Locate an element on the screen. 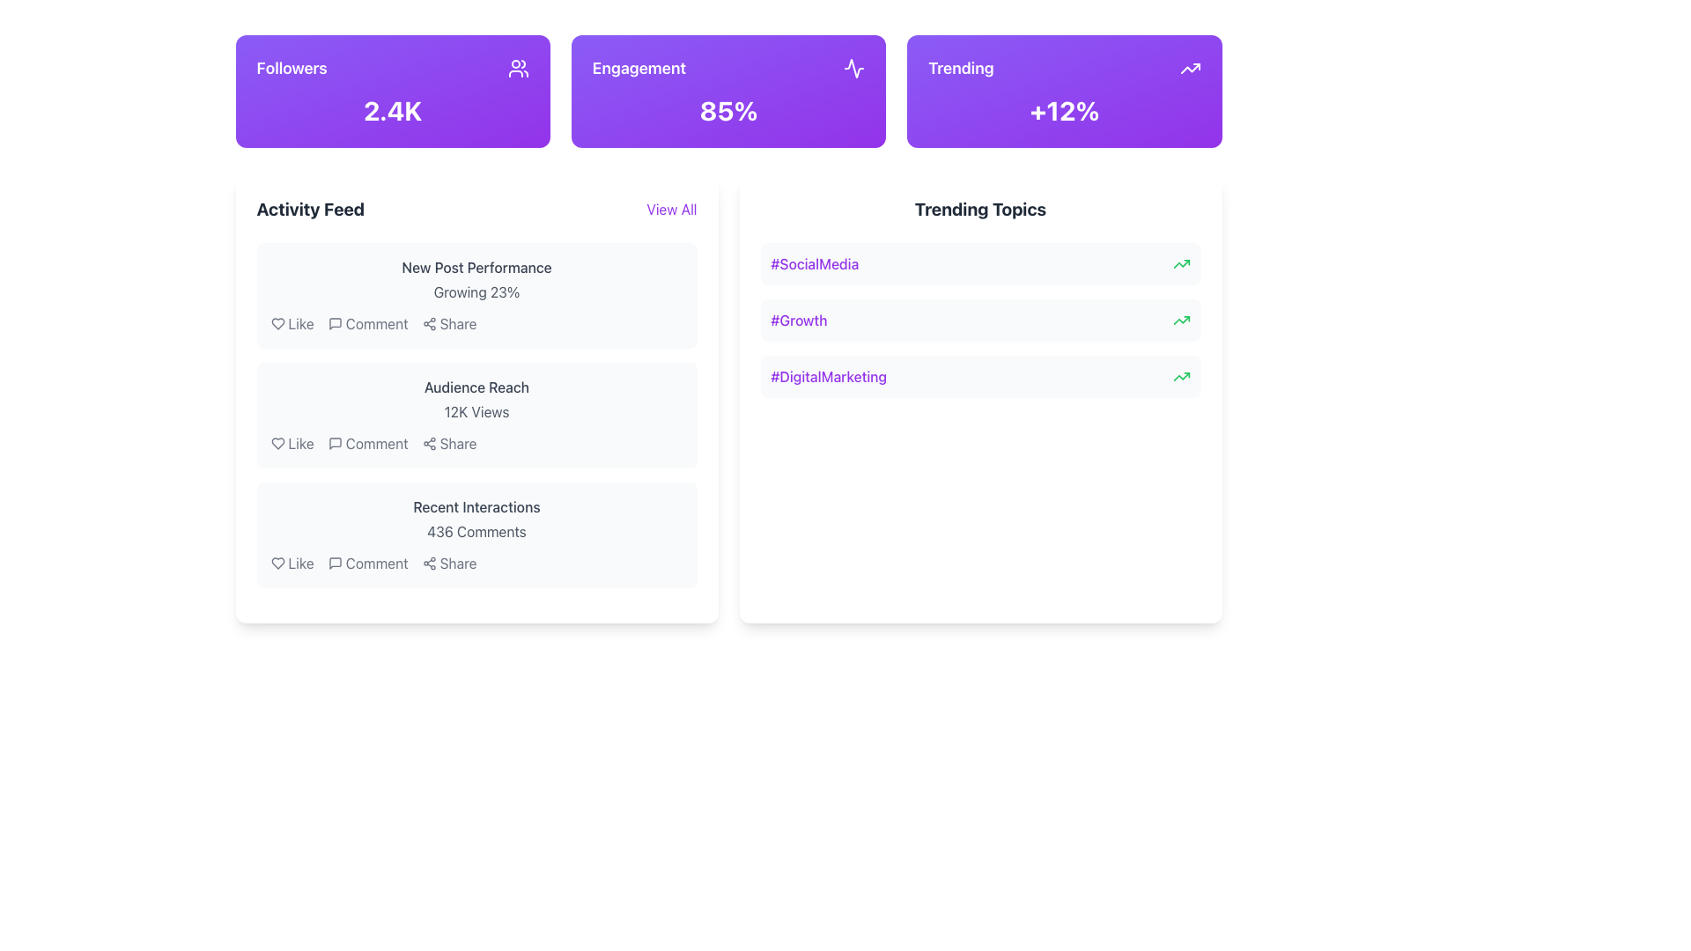  the decorative SVG icon in the 'Engagement' section, which visually represents engagement through a waveform-like design, located above the text '85%' is located at coordinates (854, 67).